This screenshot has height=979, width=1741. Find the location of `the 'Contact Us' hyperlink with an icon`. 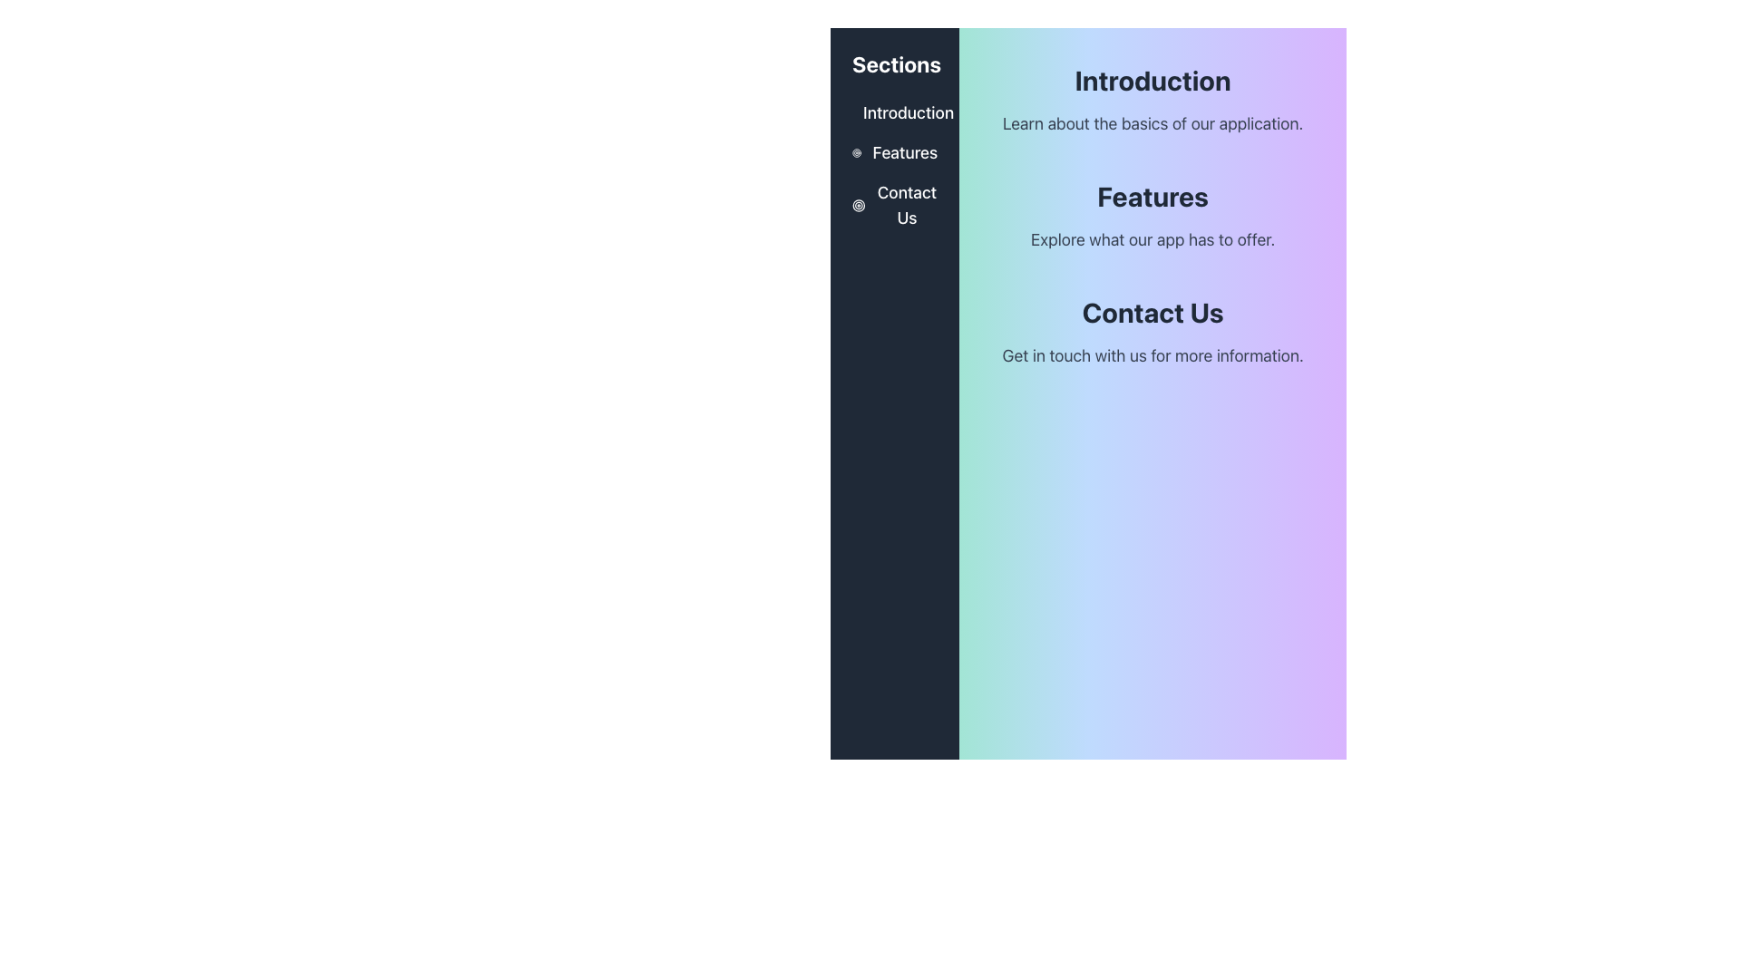

the 'Contact Us' hyperlink with an icon is located at coordinates (895, 205).